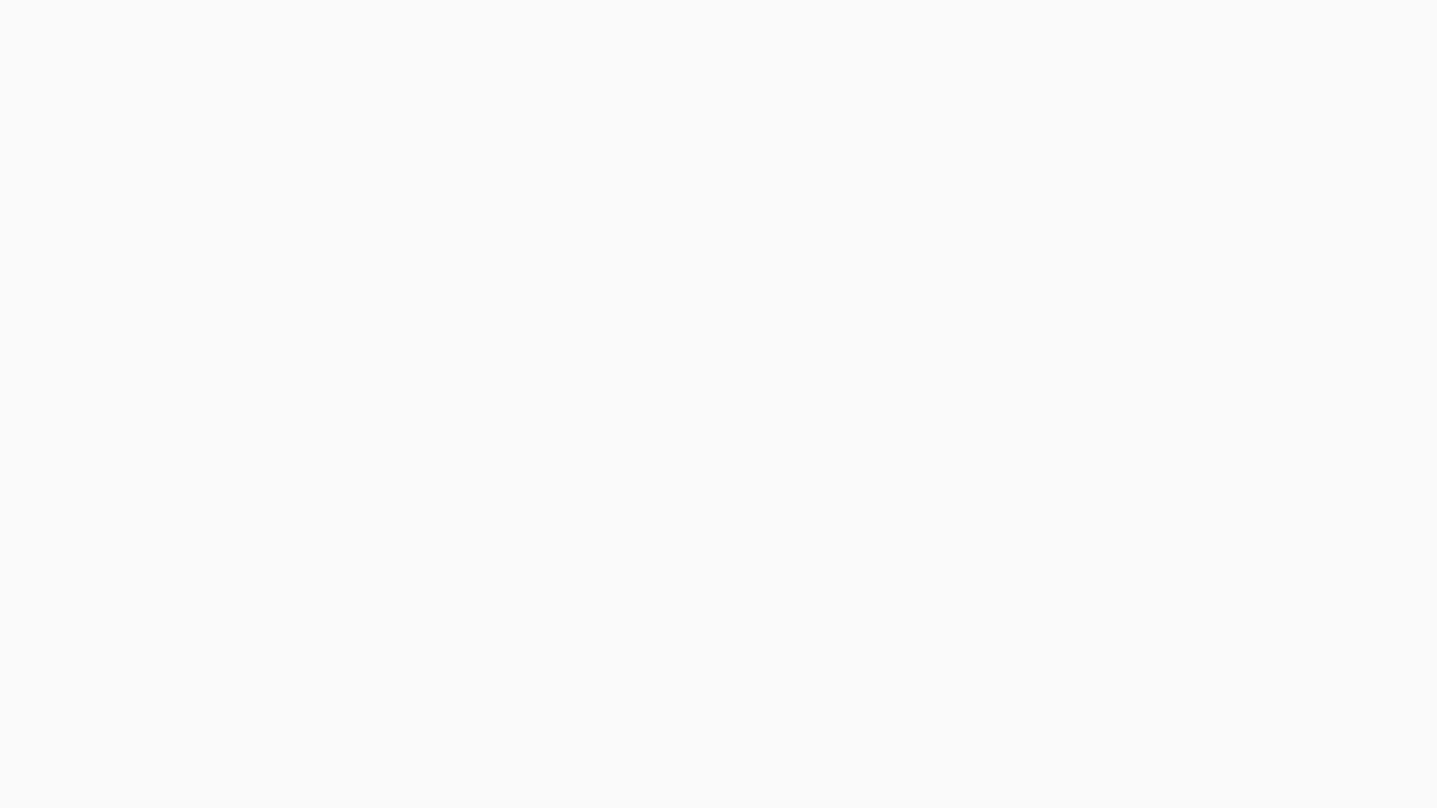  Describe the element at coordinates (1375, 20) in the screenshot. I see `Change Language: English (US)` at that location.